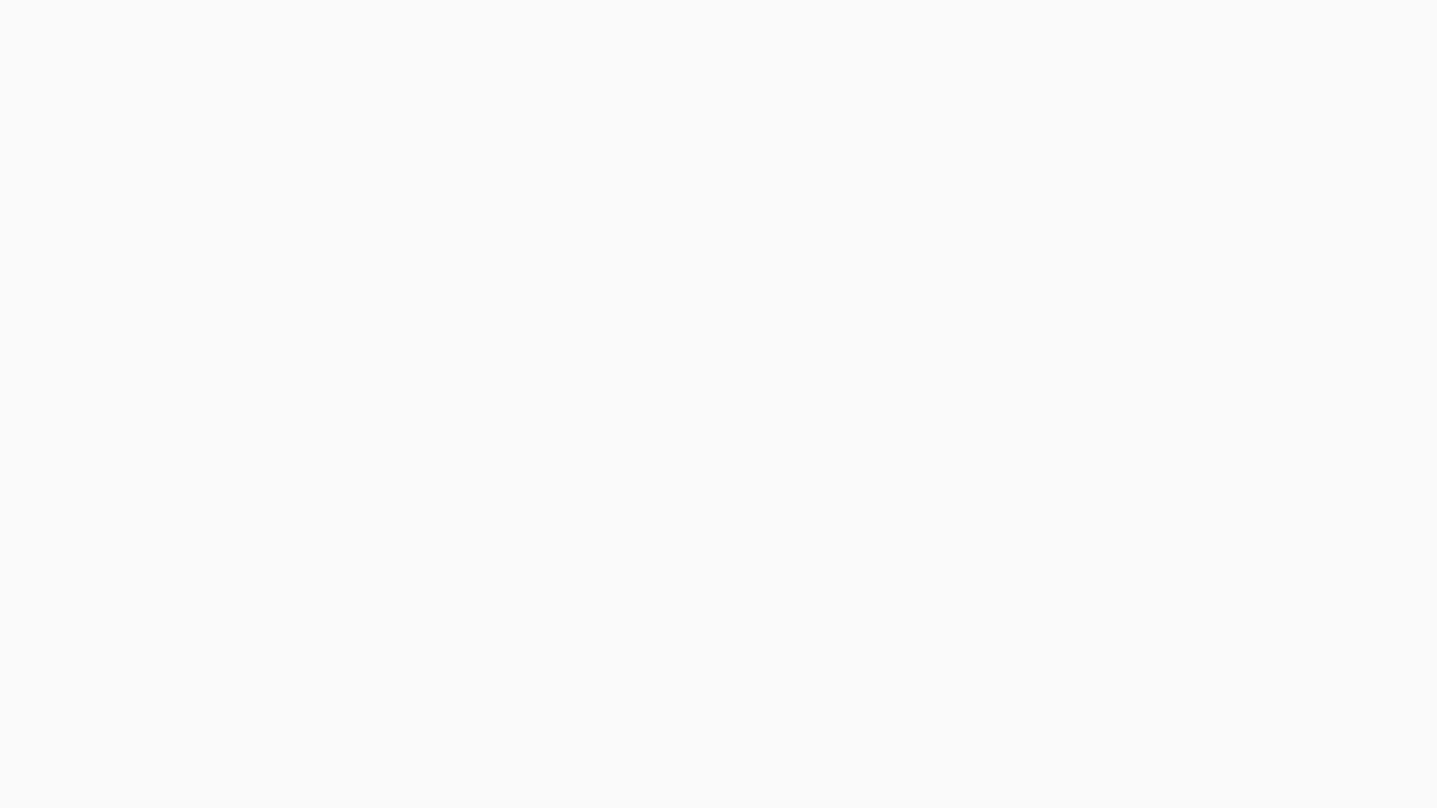  Describe the element at coordinates (1375, 20) in the screenshot. I see `Change Language: English (US)` at that location.